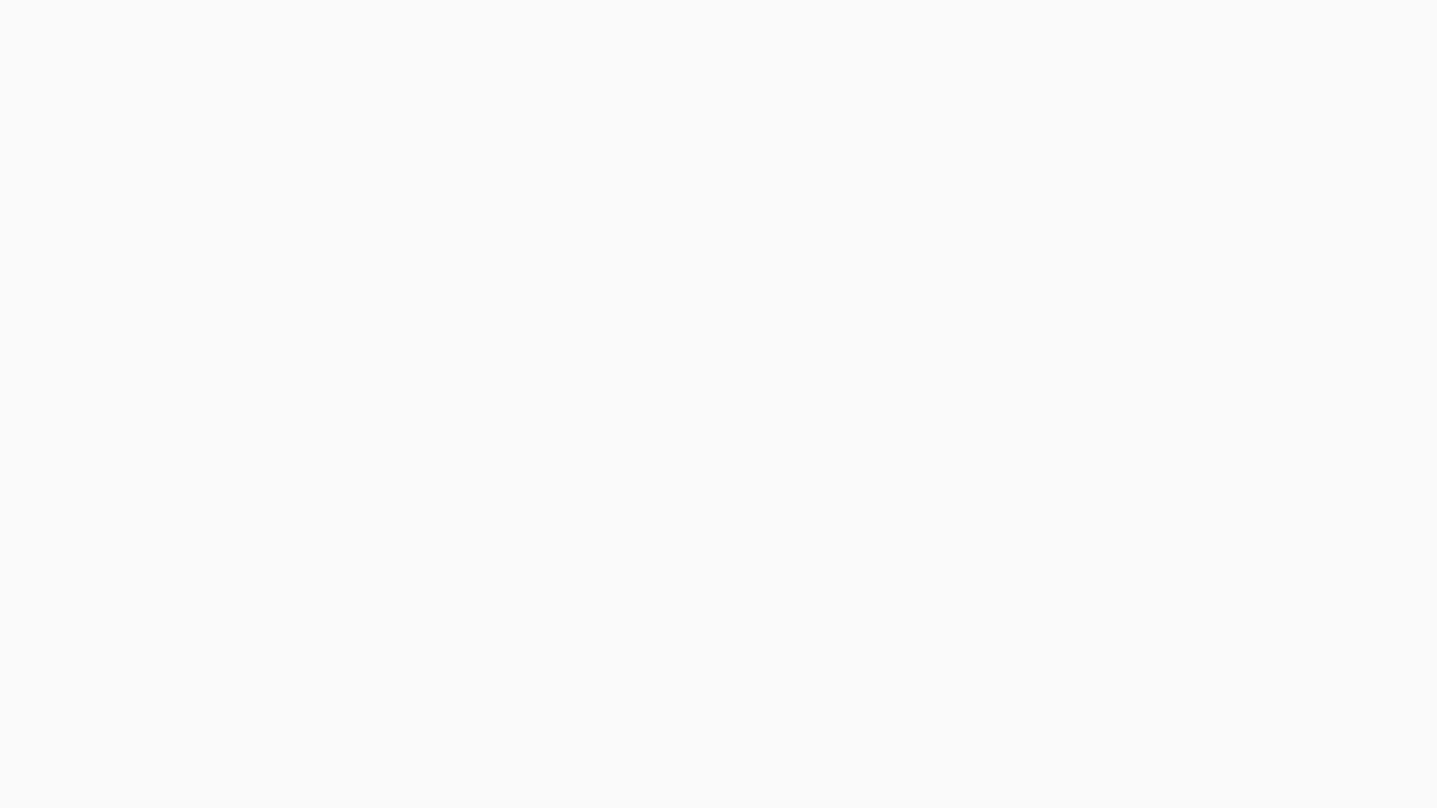  Describe the element at coordinates (1375, 20) in the screenshot. I see `Change Language: English (US)` at that location.